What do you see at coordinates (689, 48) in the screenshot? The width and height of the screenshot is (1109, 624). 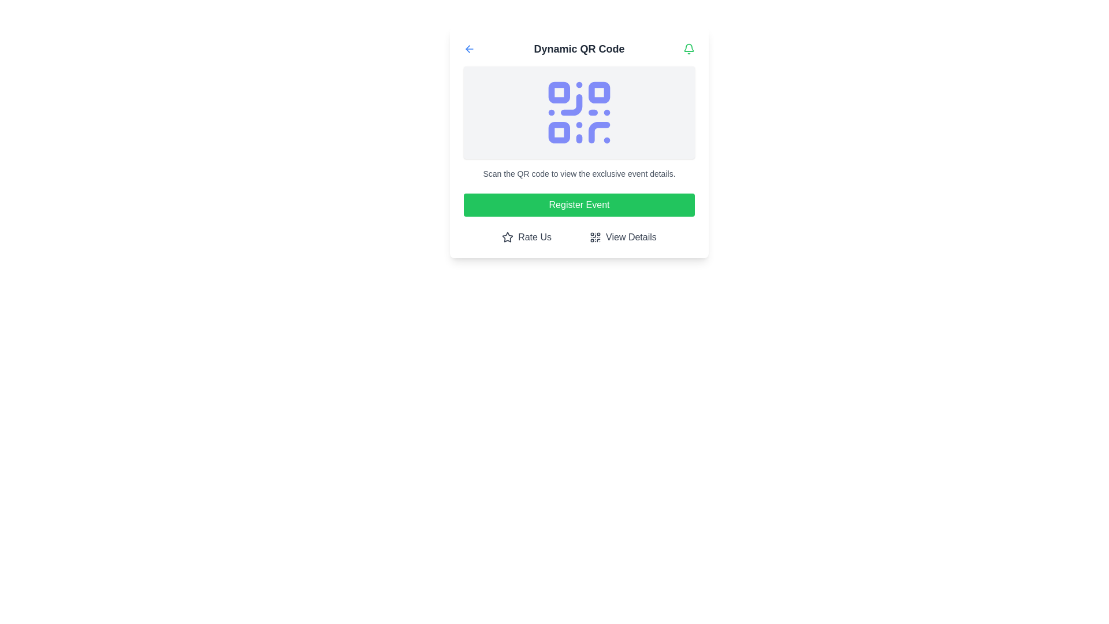 I see `the notification indicator icon located at the far right of the header section` at bounding box center [689, 48].